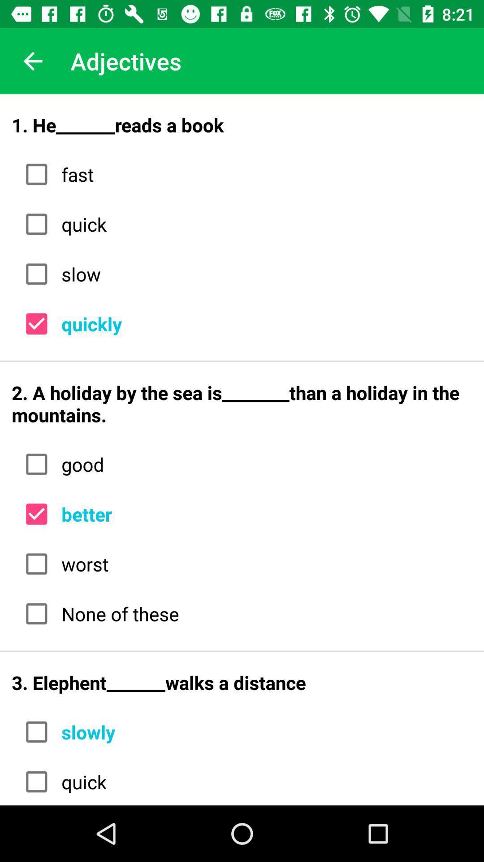 This screenshot has height=862, width=484. Describe the element at coordinates (263, 174) in the screenshot. I see `fast item` at that location.